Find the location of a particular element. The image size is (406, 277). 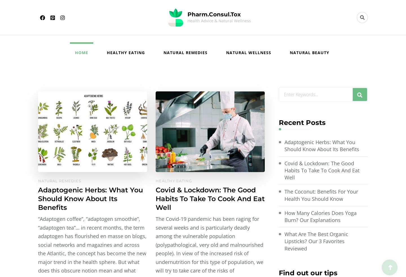

'Natural Wellness' is located at coordinates (248, 52).